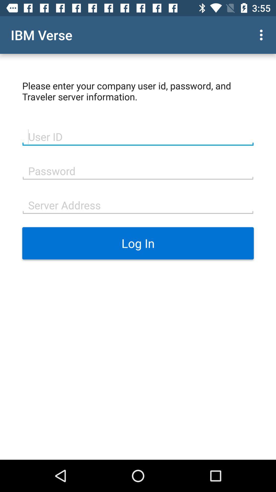 The image size is (276, 492). I want to click on the item next to ibm verse icon, so click(262, 35).